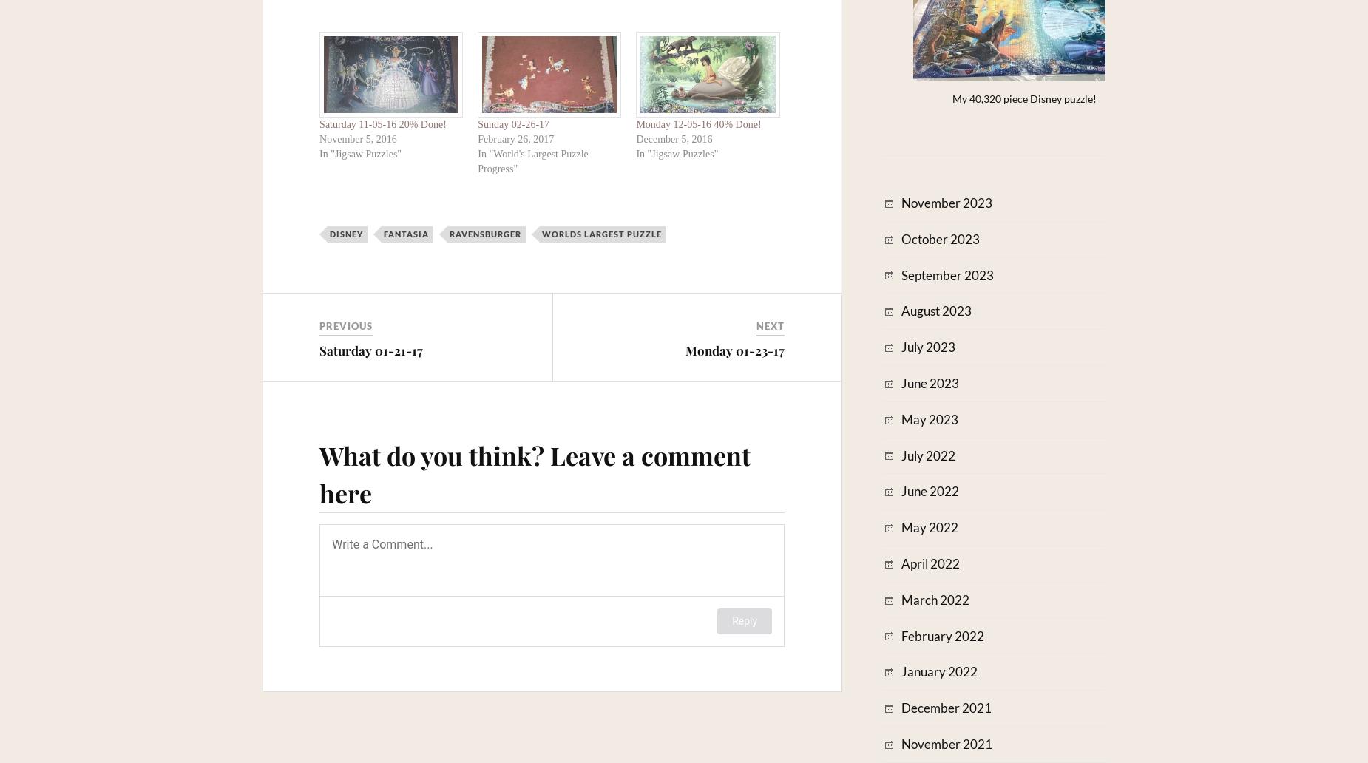  What do you see at coordinates (946, 203) in the screenshot?
I see `'November 2023'` at bounding box center [946, 203].